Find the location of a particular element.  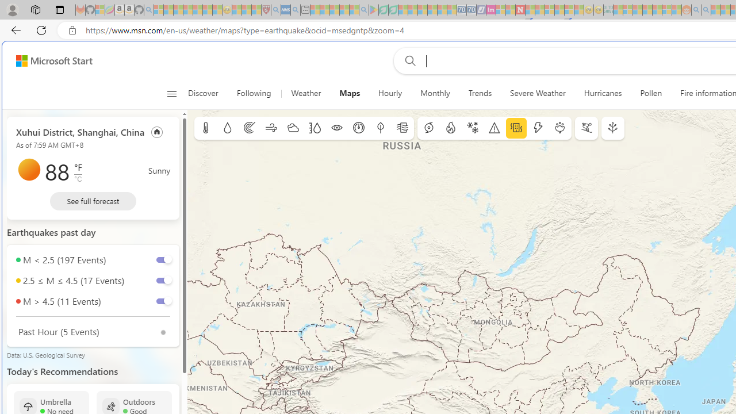

'E-tree' is located at coordinates (612, 128).